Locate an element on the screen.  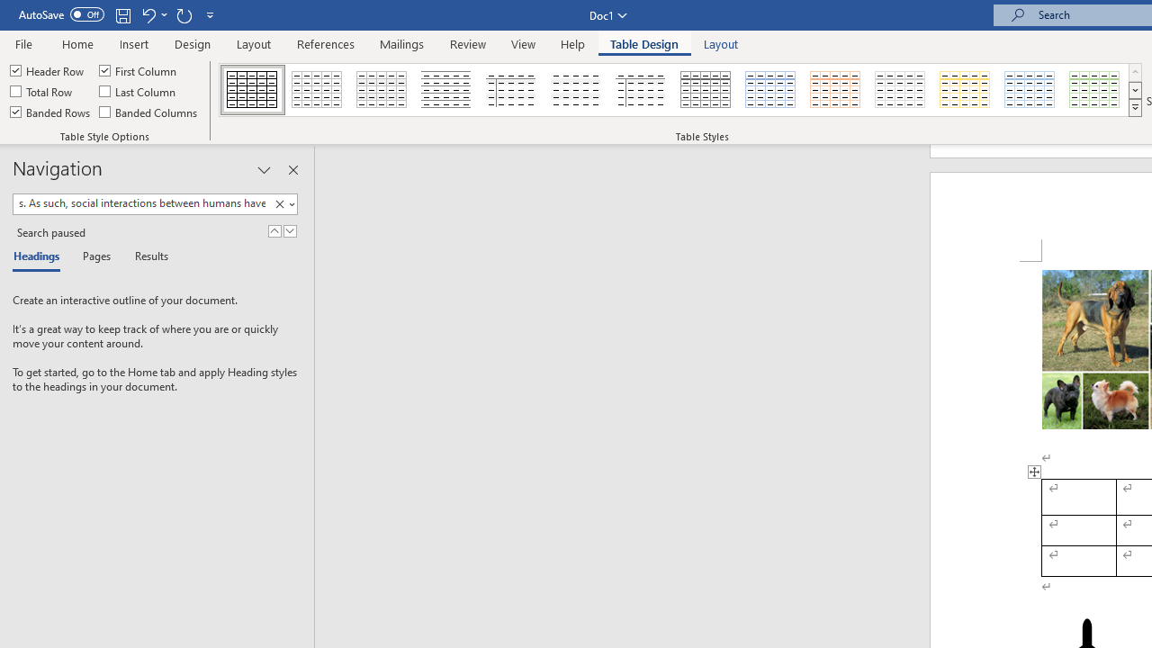
'Next Result' is located at coordinates (290, 230).